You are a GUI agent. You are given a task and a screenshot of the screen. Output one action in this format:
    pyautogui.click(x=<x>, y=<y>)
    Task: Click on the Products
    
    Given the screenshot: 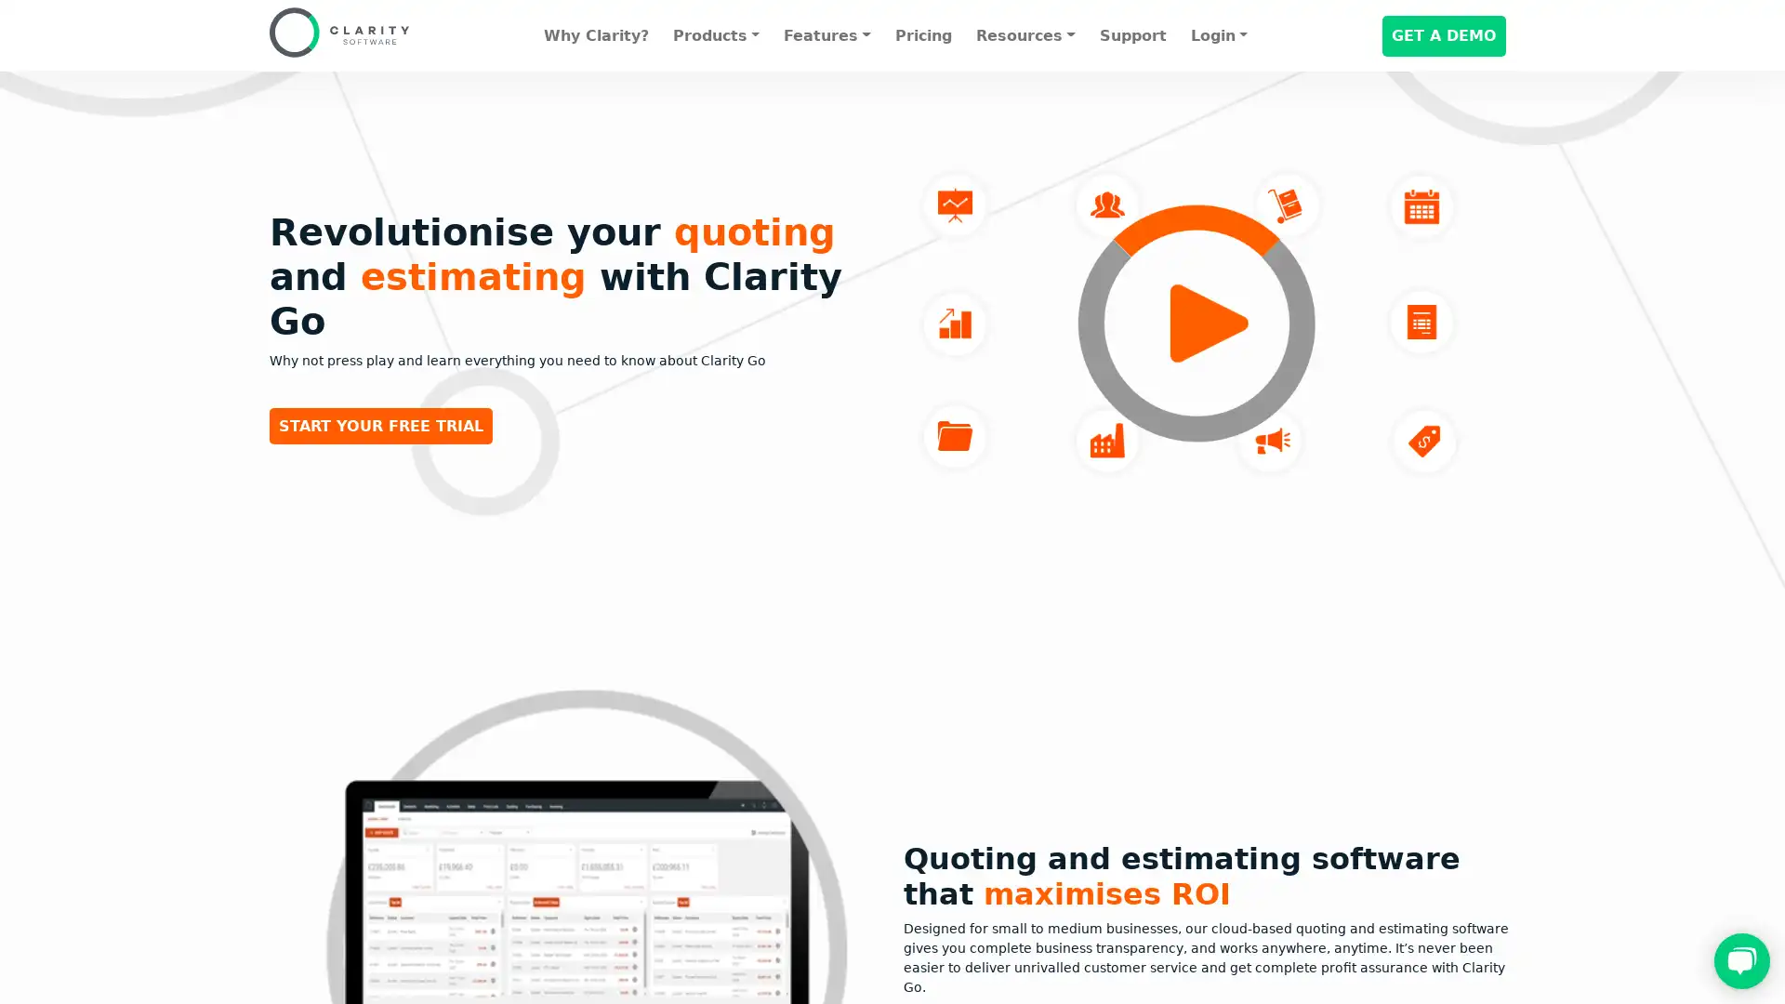 What is the action you would take?
    pyautogui.click(x=714, y=35)
    